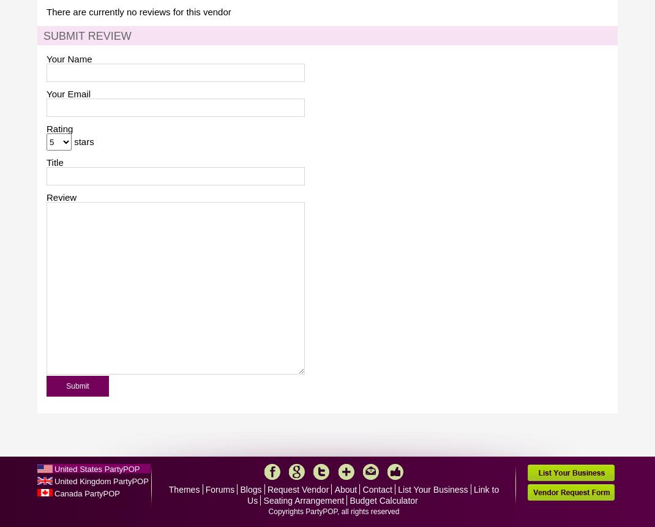 This screenshot has height=527, width=655. Describe the element at coordinates (184, 490) in the screenshot. I see `'Themes'` at that location.